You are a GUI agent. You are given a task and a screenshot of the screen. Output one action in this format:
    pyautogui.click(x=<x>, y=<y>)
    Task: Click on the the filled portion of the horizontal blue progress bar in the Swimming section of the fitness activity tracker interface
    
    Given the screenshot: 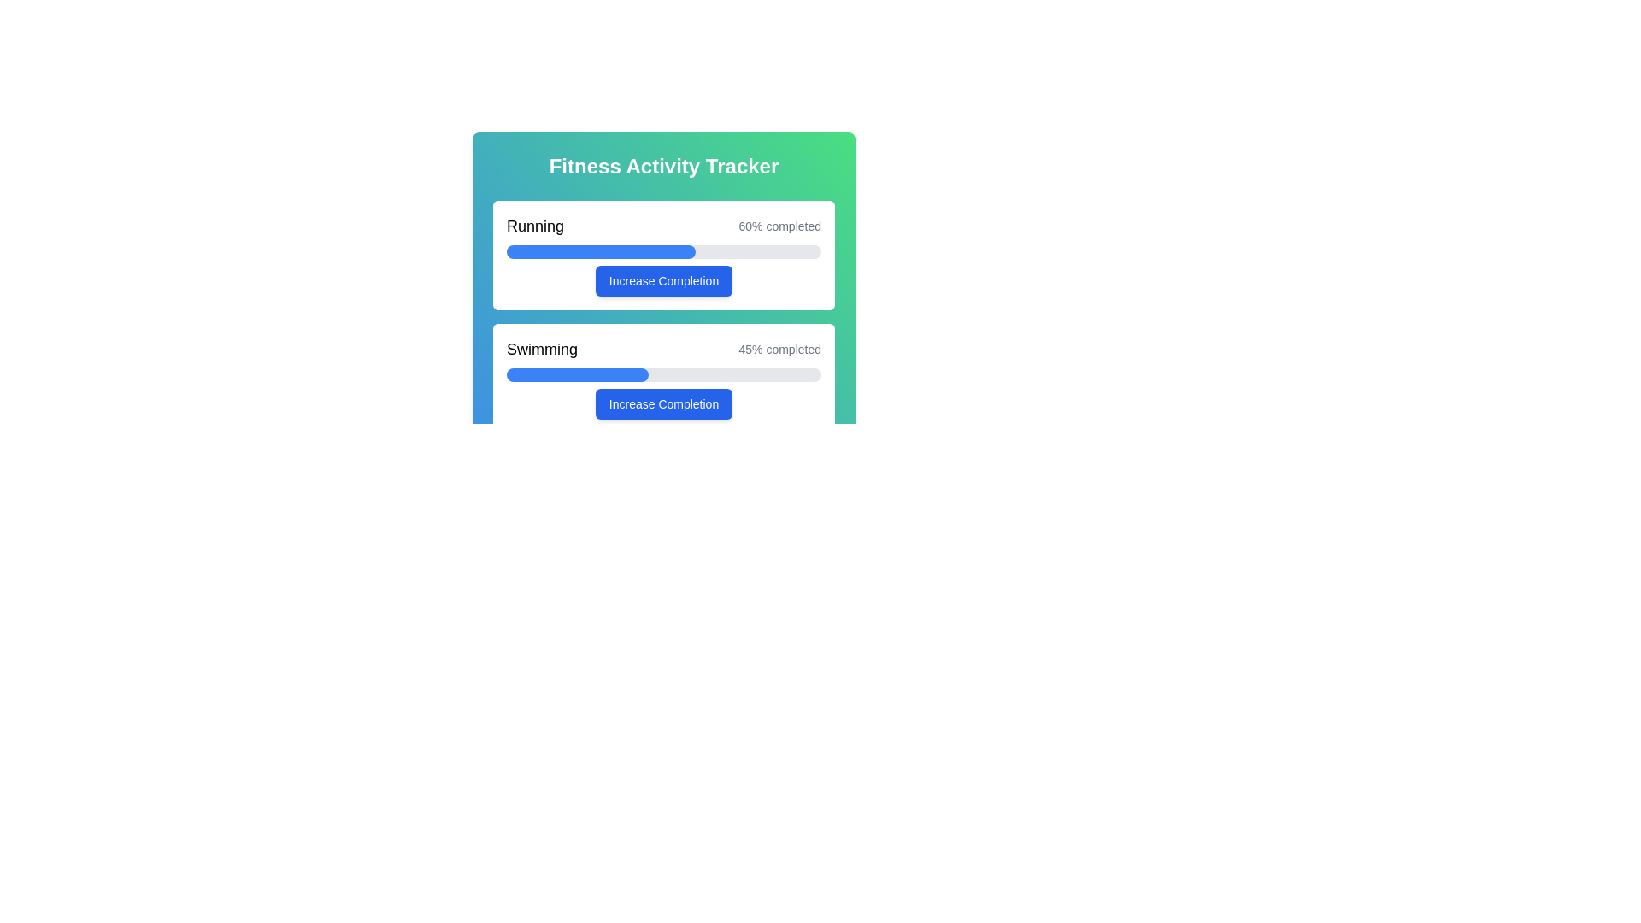 What is the action you would take?
    pyautogui.click(x=577, y=374)
    